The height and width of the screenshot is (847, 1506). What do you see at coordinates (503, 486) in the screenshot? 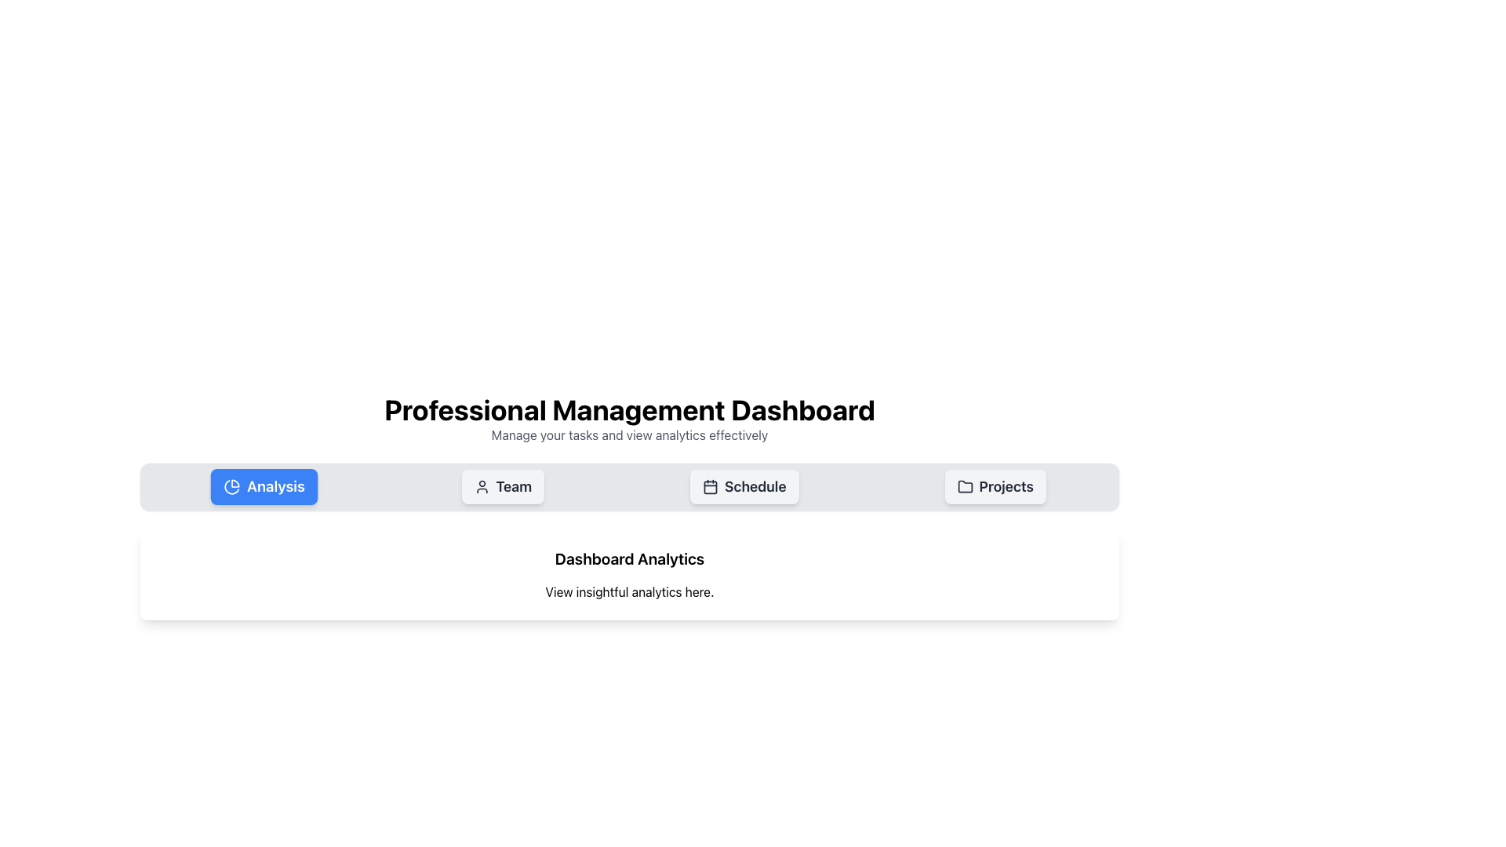
I see `the navigational button located in the horizontal menu bar, which is styled with a light gray background and positioned between the 'Analysis' and 'Schedule' buttons` at bounding box center [503, 486].